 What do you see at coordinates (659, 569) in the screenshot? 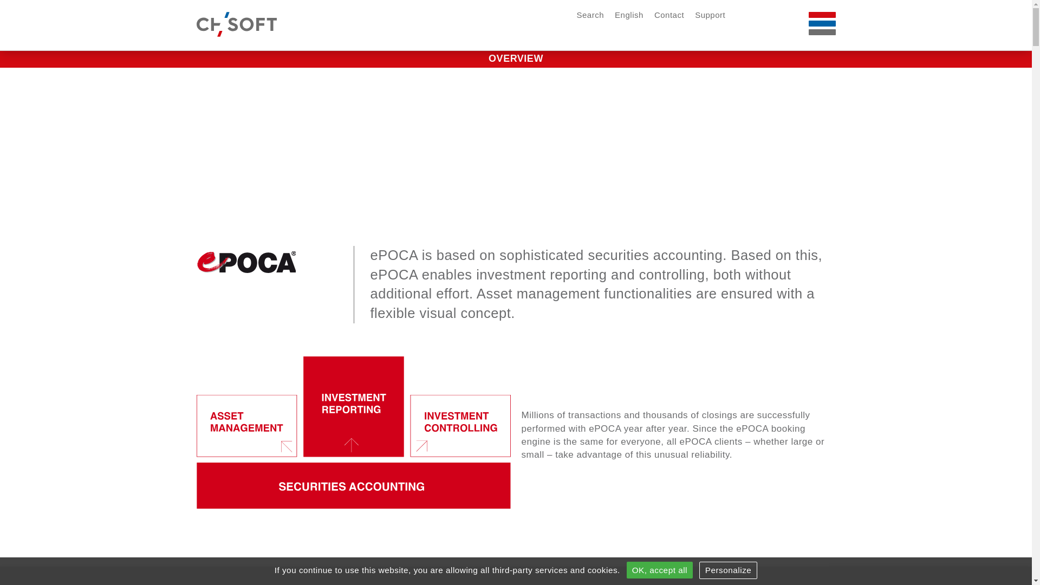
I see `'OK, accept all'` at bounding box center [659, 569].